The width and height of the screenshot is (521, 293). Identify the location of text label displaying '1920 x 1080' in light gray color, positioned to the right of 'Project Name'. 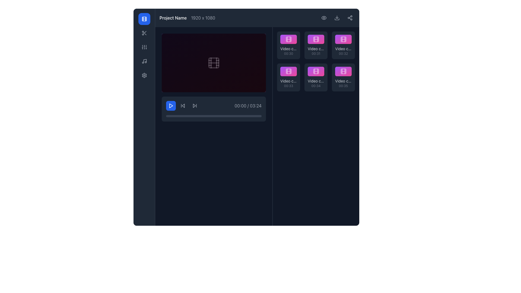
(203, 17).